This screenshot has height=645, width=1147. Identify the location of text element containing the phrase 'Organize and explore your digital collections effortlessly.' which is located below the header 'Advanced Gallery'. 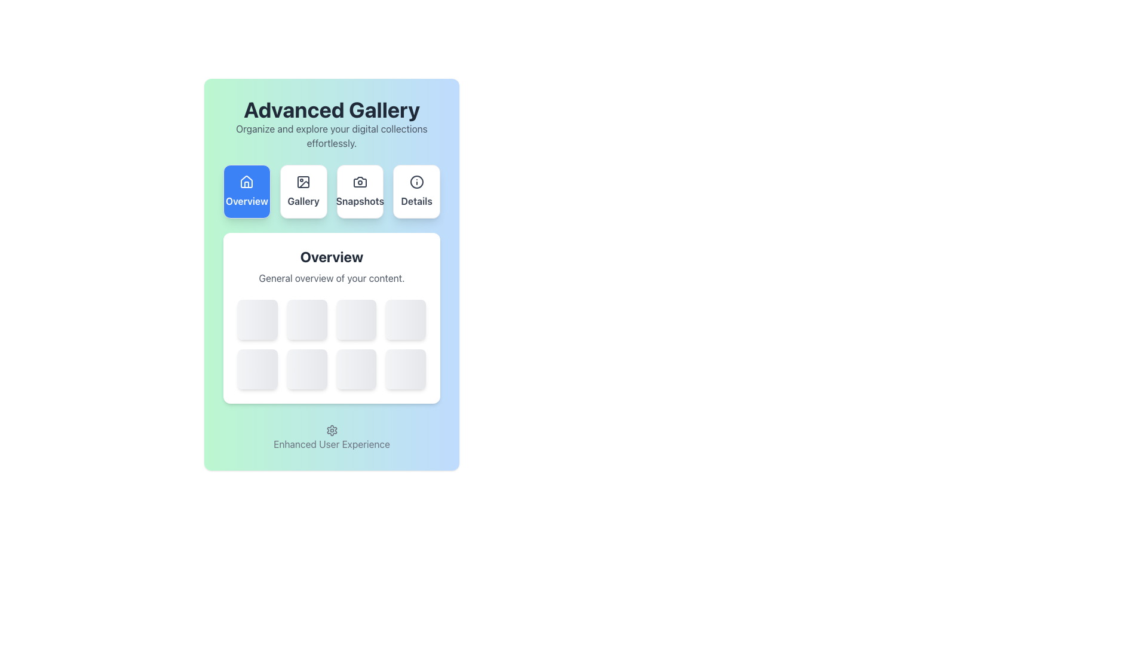
(332, 135).